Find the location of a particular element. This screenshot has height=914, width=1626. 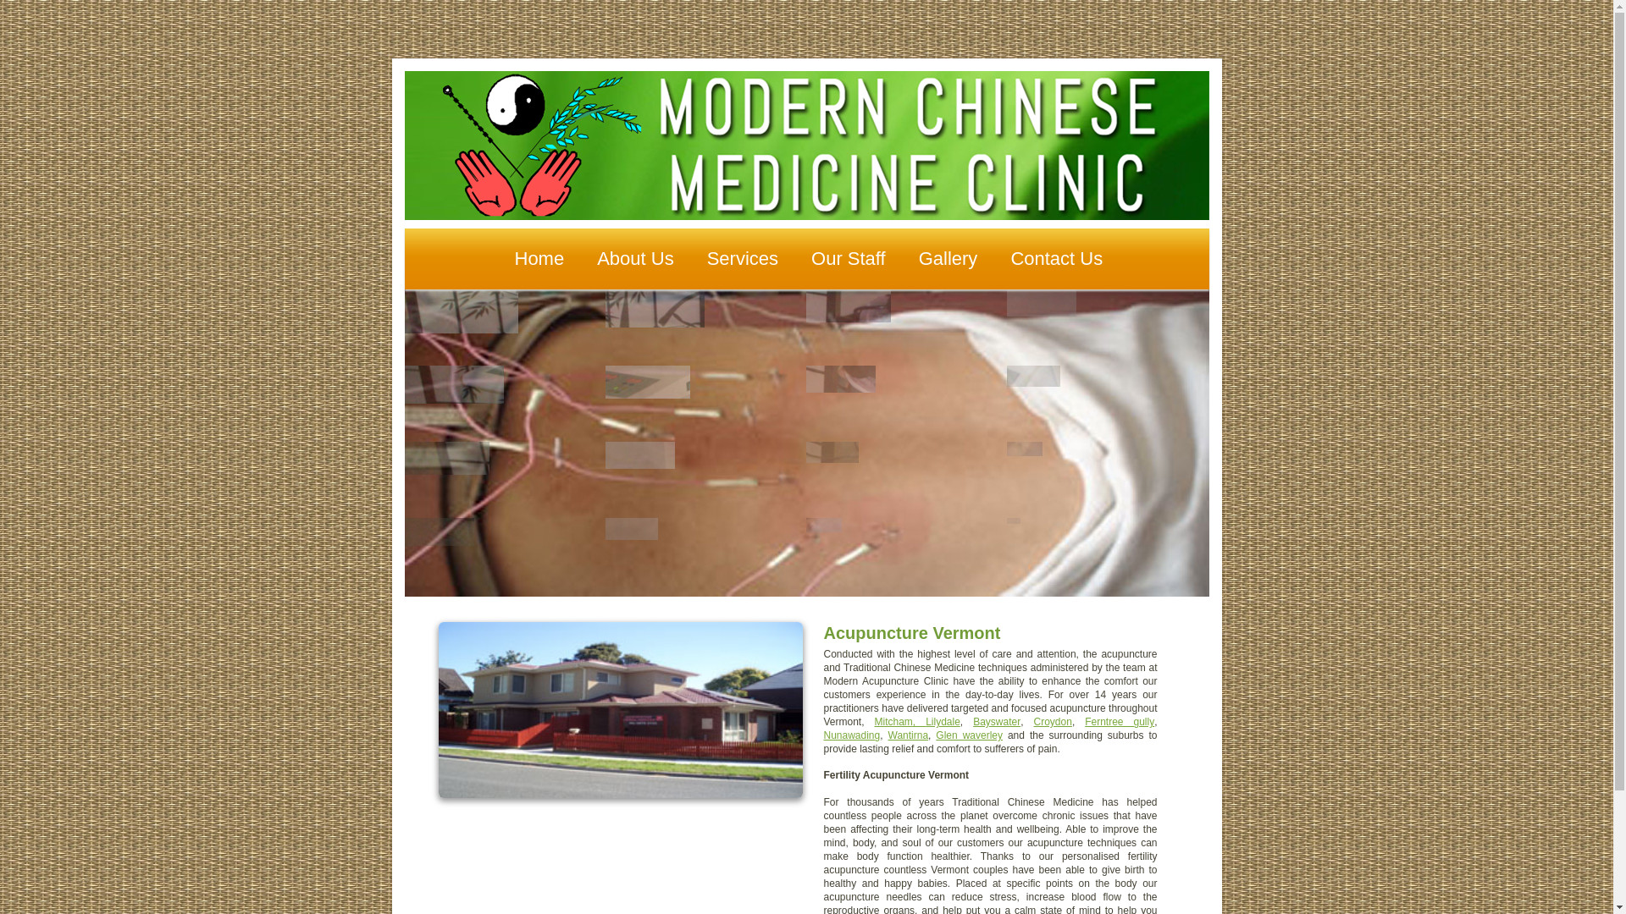

'Services' is located at coordinates (743, 258).